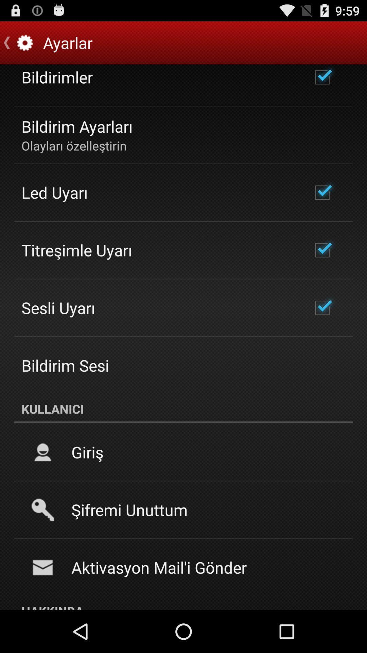 This screenshot has height=653, width=367. What do you see at coordinates (183, 408) in the screenshot?
I see `the kullanici at the center` at bounding box center [183, 408].